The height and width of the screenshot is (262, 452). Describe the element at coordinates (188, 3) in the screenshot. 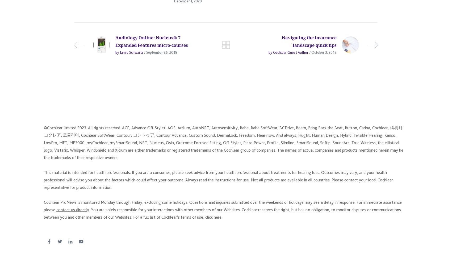

I see `'December 1, 2020'` at that location.